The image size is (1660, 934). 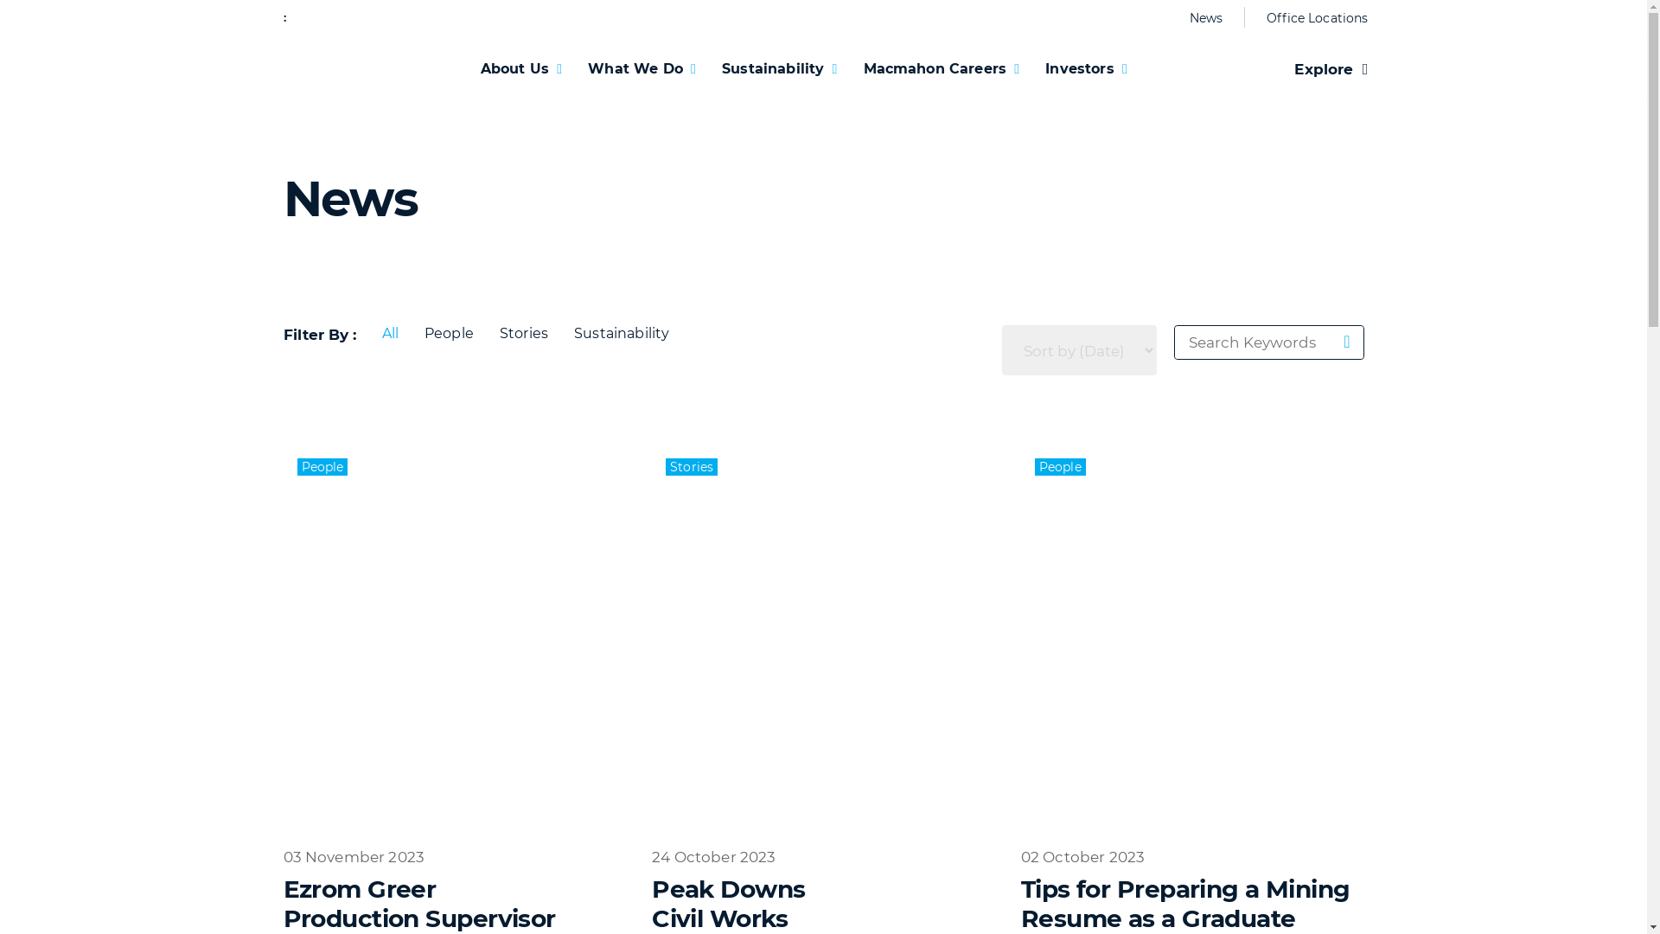 I want to click on 'Investors', so click(x=1085, y=67).